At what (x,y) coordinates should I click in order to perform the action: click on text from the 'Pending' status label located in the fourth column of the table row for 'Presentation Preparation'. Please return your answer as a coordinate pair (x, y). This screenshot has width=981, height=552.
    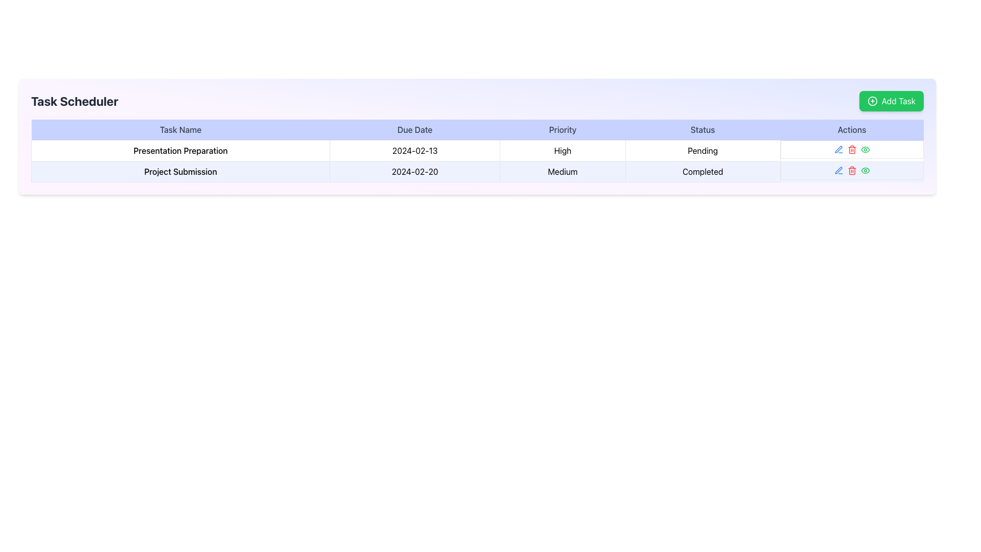
    Looking at the image, I should click on (702, 150).